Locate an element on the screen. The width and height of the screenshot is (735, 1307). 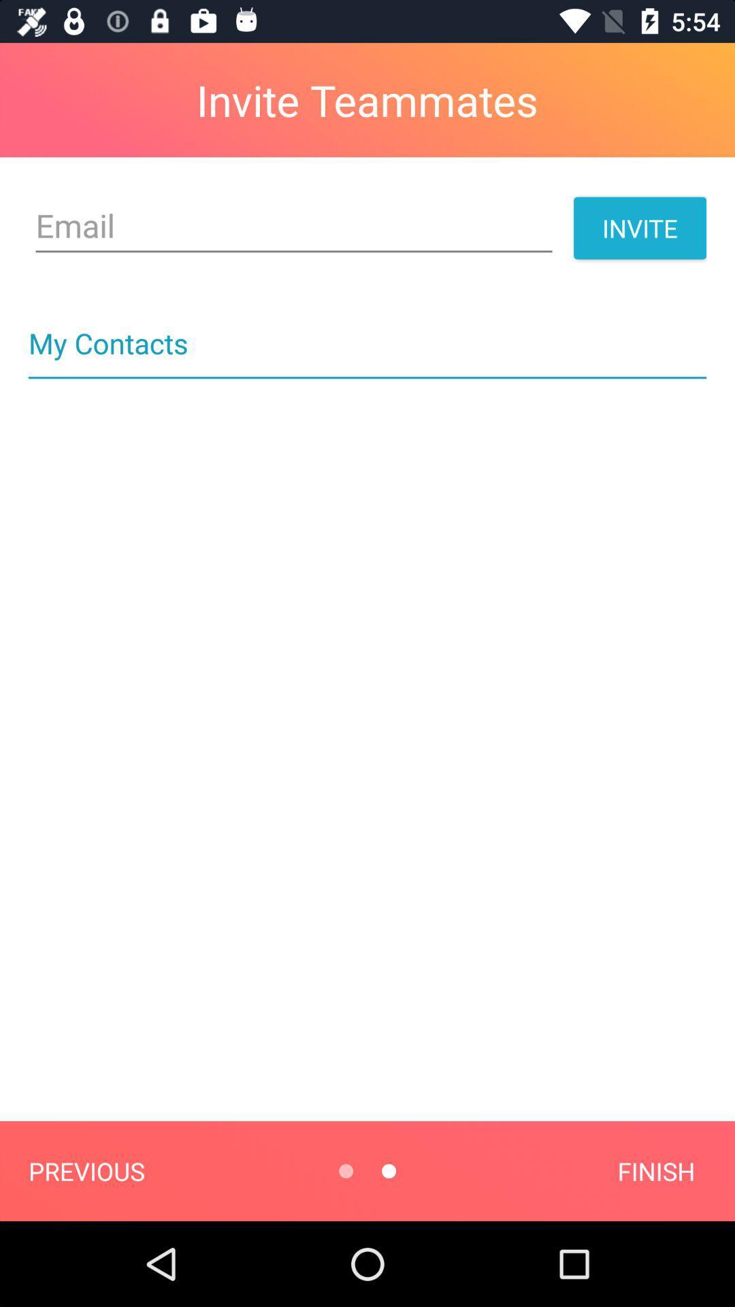
item at the bottom right corner is located at coordinates (655, 1170).